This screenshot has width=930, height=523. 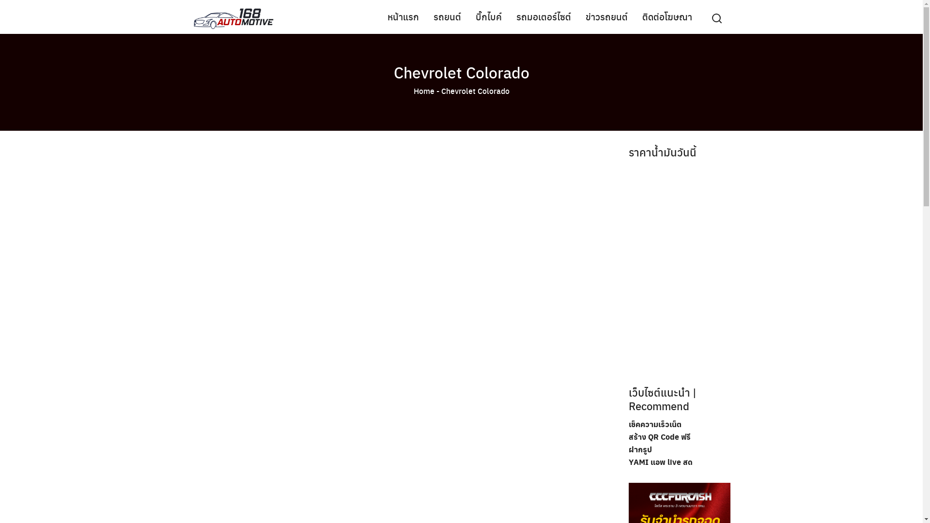 What do you see at coordinates (424, 91) in the screenshot?
I see `'Home'` at bounding box center [424, 91].